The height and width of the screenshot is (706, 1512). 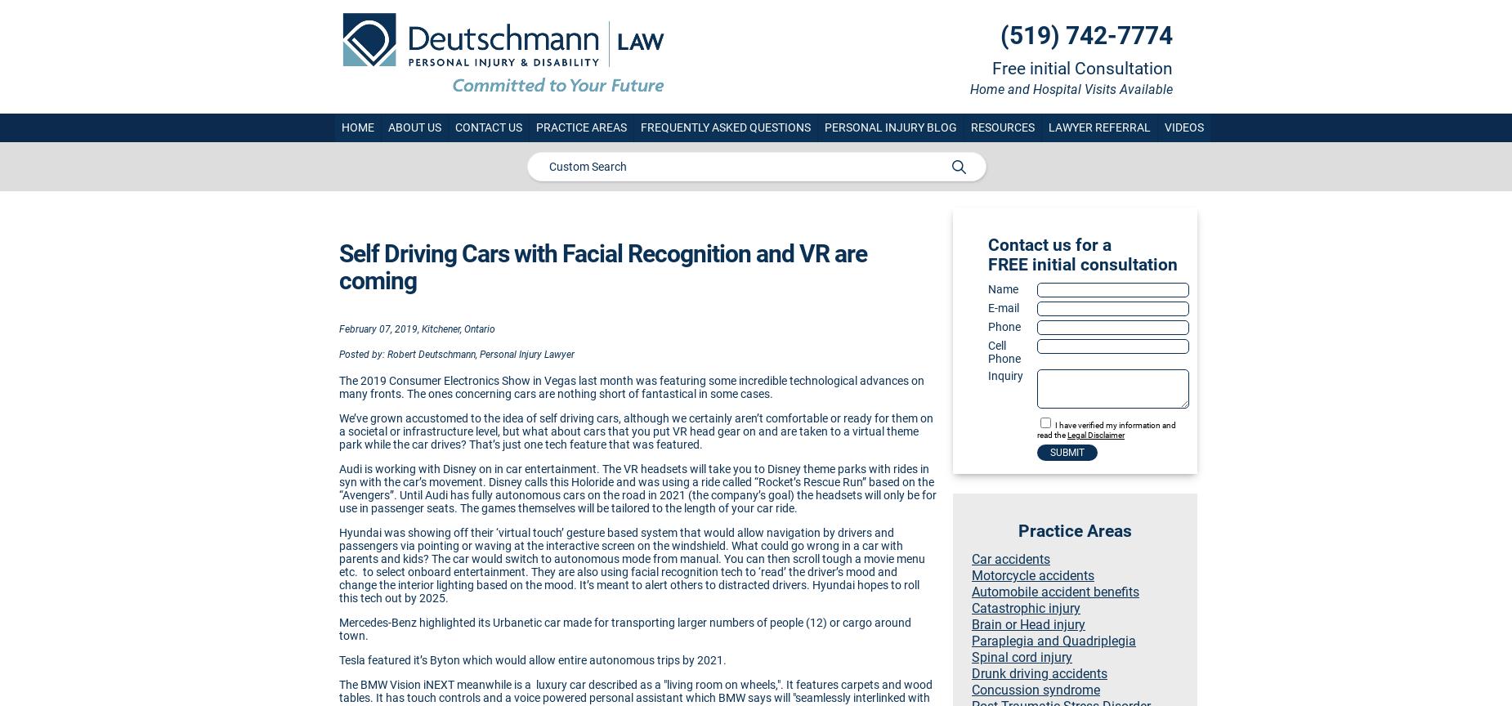 I want to click on 'Home and Hospital Visits Available', so click(x=1070, y=88).